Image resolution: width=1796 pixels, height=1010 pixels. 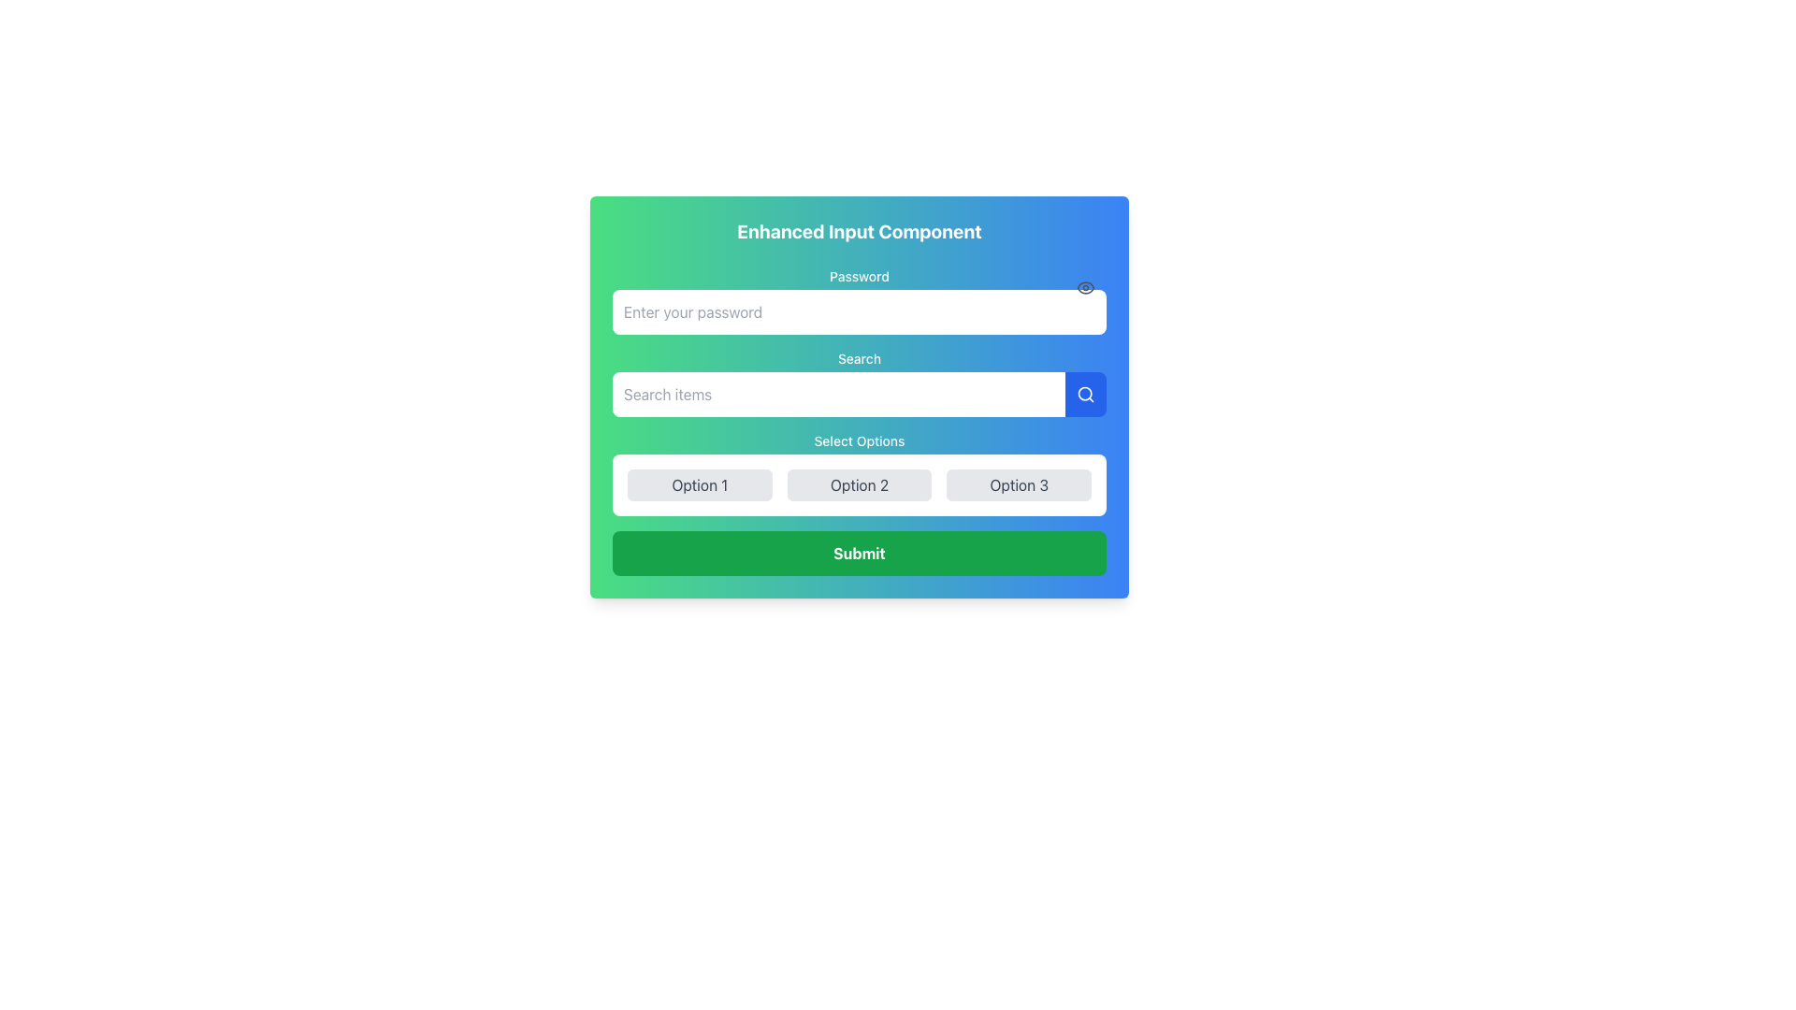 I want to click on the password visibility toggle icon located at the far-right side of the password input field, so click(x=1086, y=288).